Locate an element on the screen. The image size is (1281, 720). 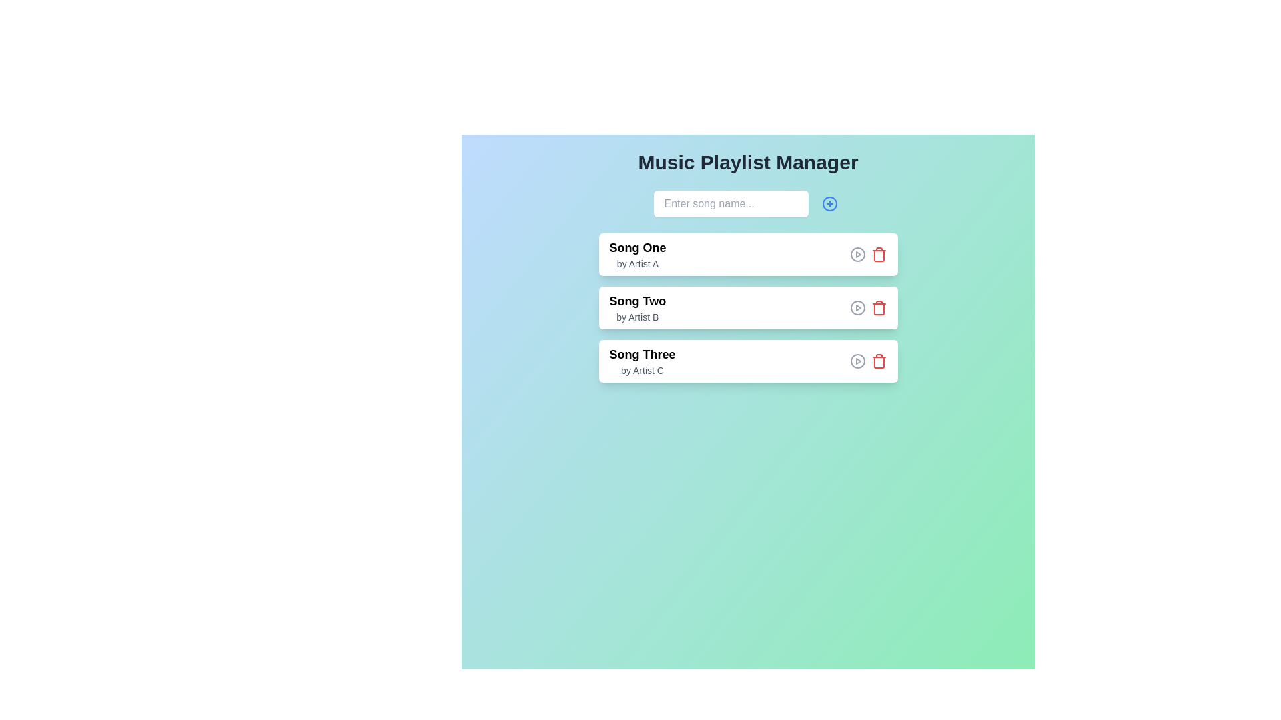
the play button located in the right part of the third row of elements in the playlist, adjacent to the delete icon is located at coordinates (857, 361).